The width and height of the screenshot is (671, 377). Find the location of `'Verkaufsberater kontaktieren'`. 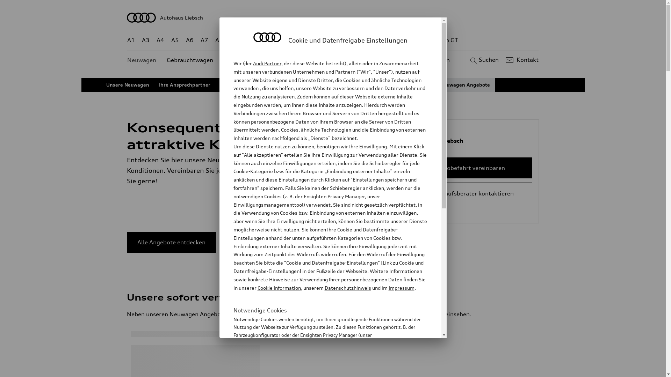

'Verkaufsberater kontaktieren' is located at coordinates (473, 193).